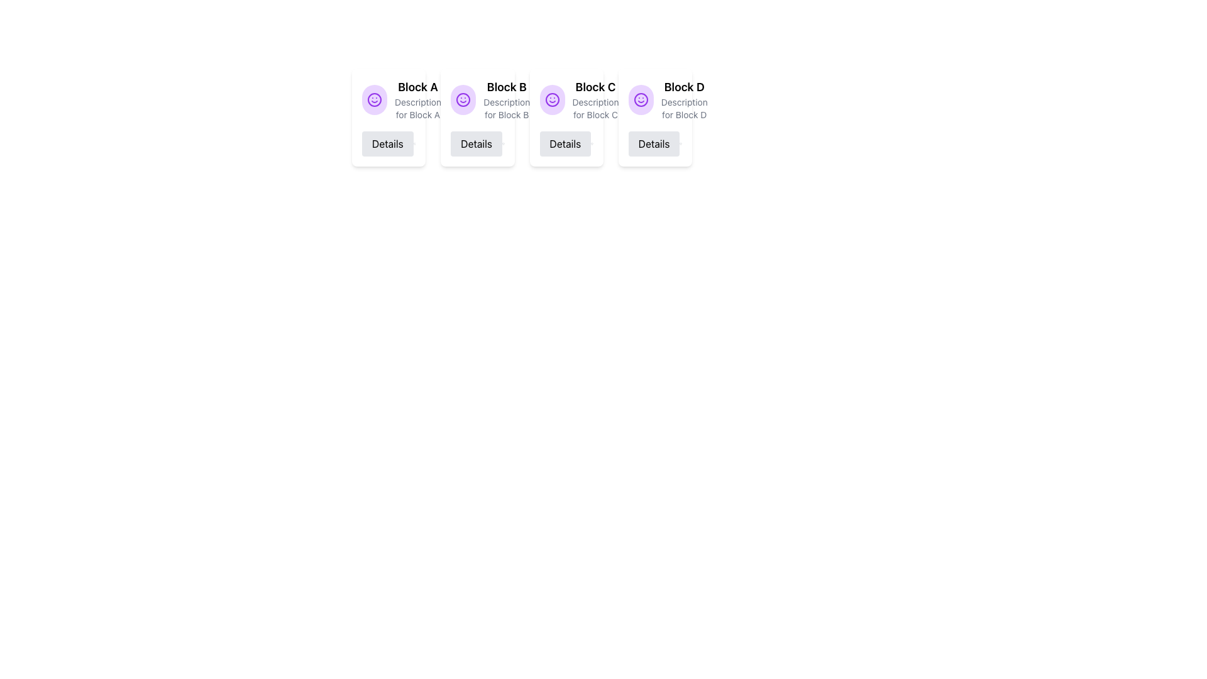 This screenshot has height=679, width=1207. Describe the element at coordinates (388, 143) in the screenshot. I see `the 'Details' button with a gray background and rounded corners located at the bottom of the card labeled 'Block A'` at that location.